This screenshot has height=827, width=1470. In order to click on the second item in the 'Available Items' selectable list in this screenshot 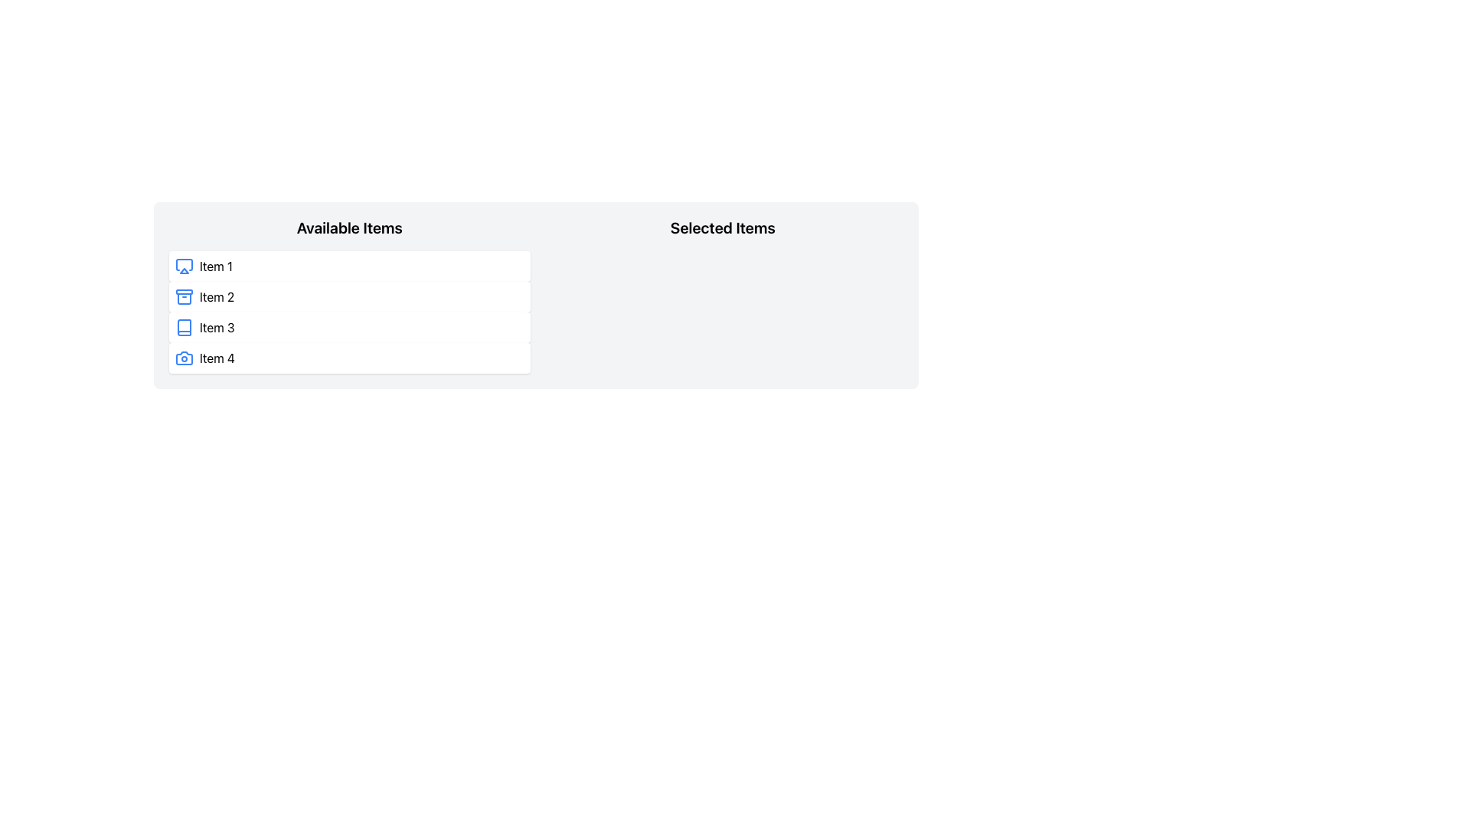, I will do `click(348, 297)`.